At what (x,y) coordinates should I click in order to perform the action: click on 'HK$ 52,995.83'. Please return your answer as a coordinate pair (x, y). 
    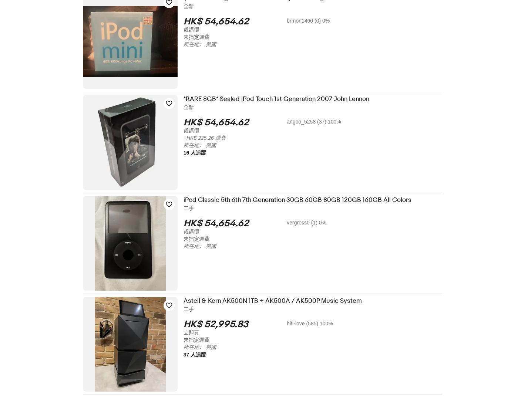
    Looking at the image, I should click on (221, 324).